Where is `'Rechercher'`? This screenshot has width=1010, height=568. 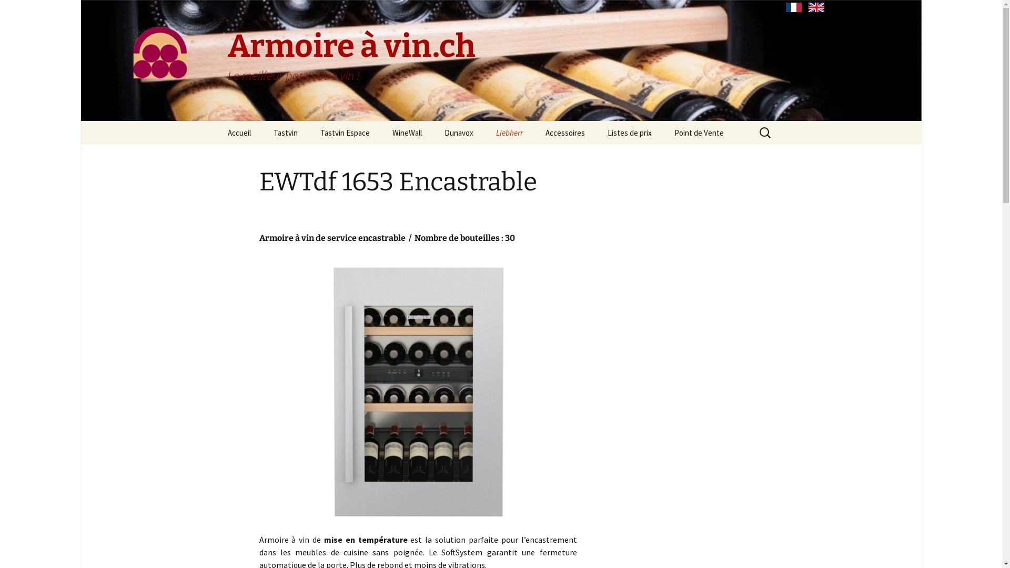 'Rechercher' is located at coordinates (13, 12).